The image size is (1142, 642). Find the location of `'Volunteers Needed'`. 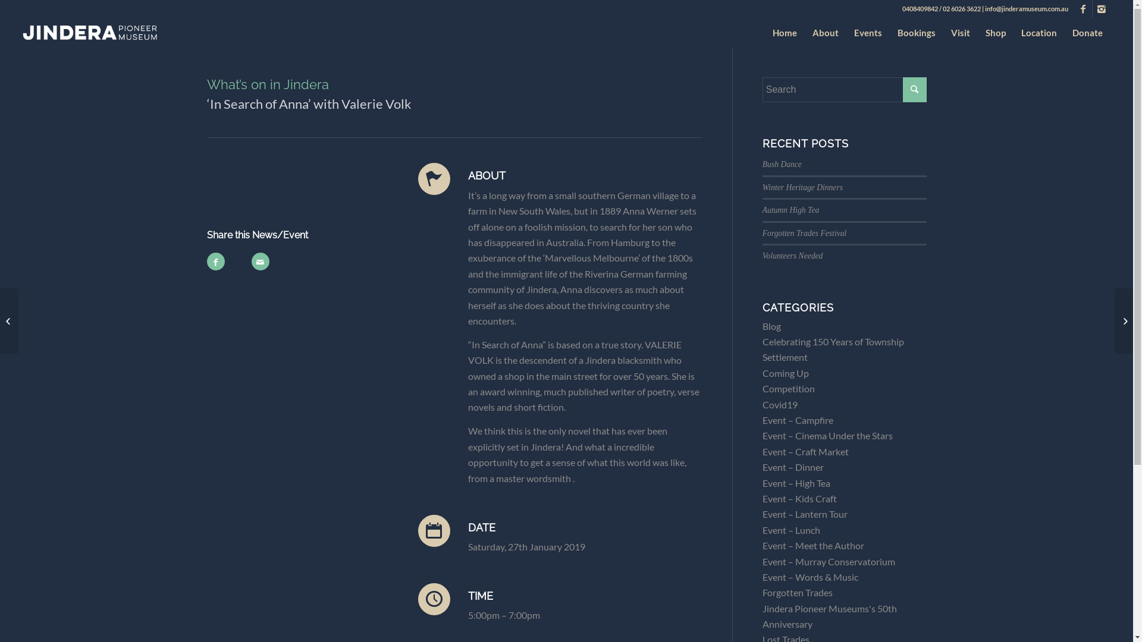

'Volunteers Needed' is located at coordinates (793, 255).